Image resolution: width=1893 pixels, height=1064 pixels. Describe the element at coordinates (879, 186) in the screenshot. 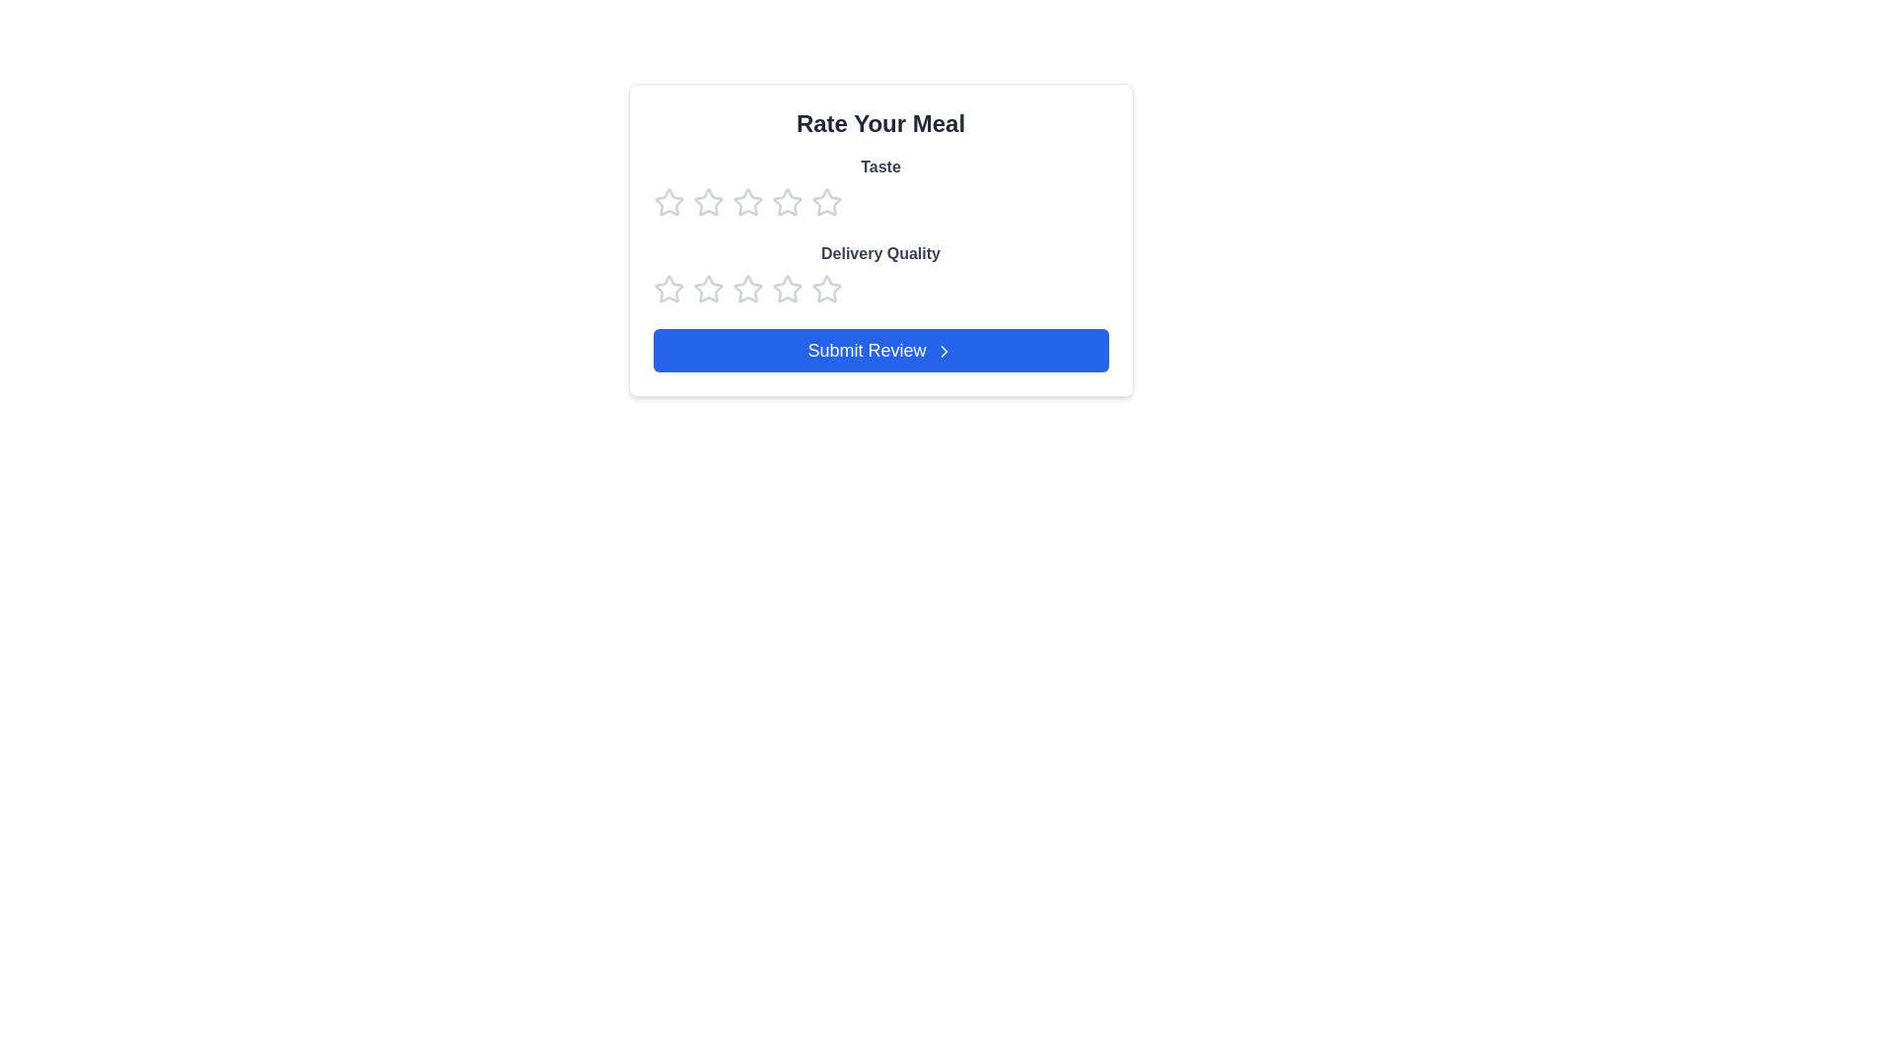

I see `the 'Taste' text label` at that location.